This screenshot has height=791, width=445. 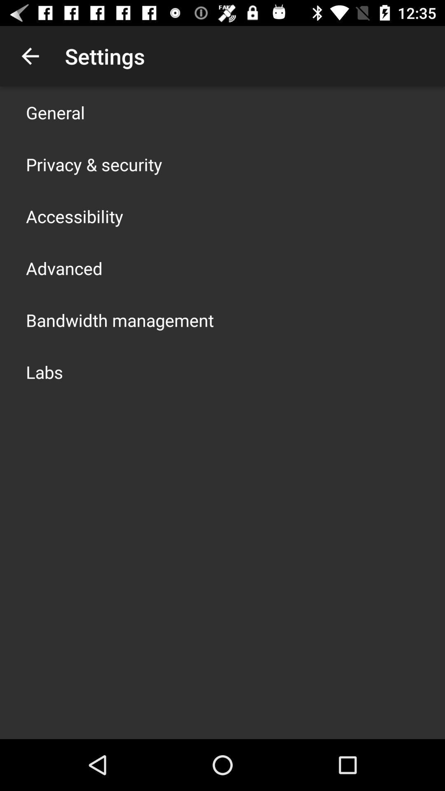 What do you see at coordinates (30, 56) in the screenshot?
I see `the item next to settings app` at bounding box center [30, 56].